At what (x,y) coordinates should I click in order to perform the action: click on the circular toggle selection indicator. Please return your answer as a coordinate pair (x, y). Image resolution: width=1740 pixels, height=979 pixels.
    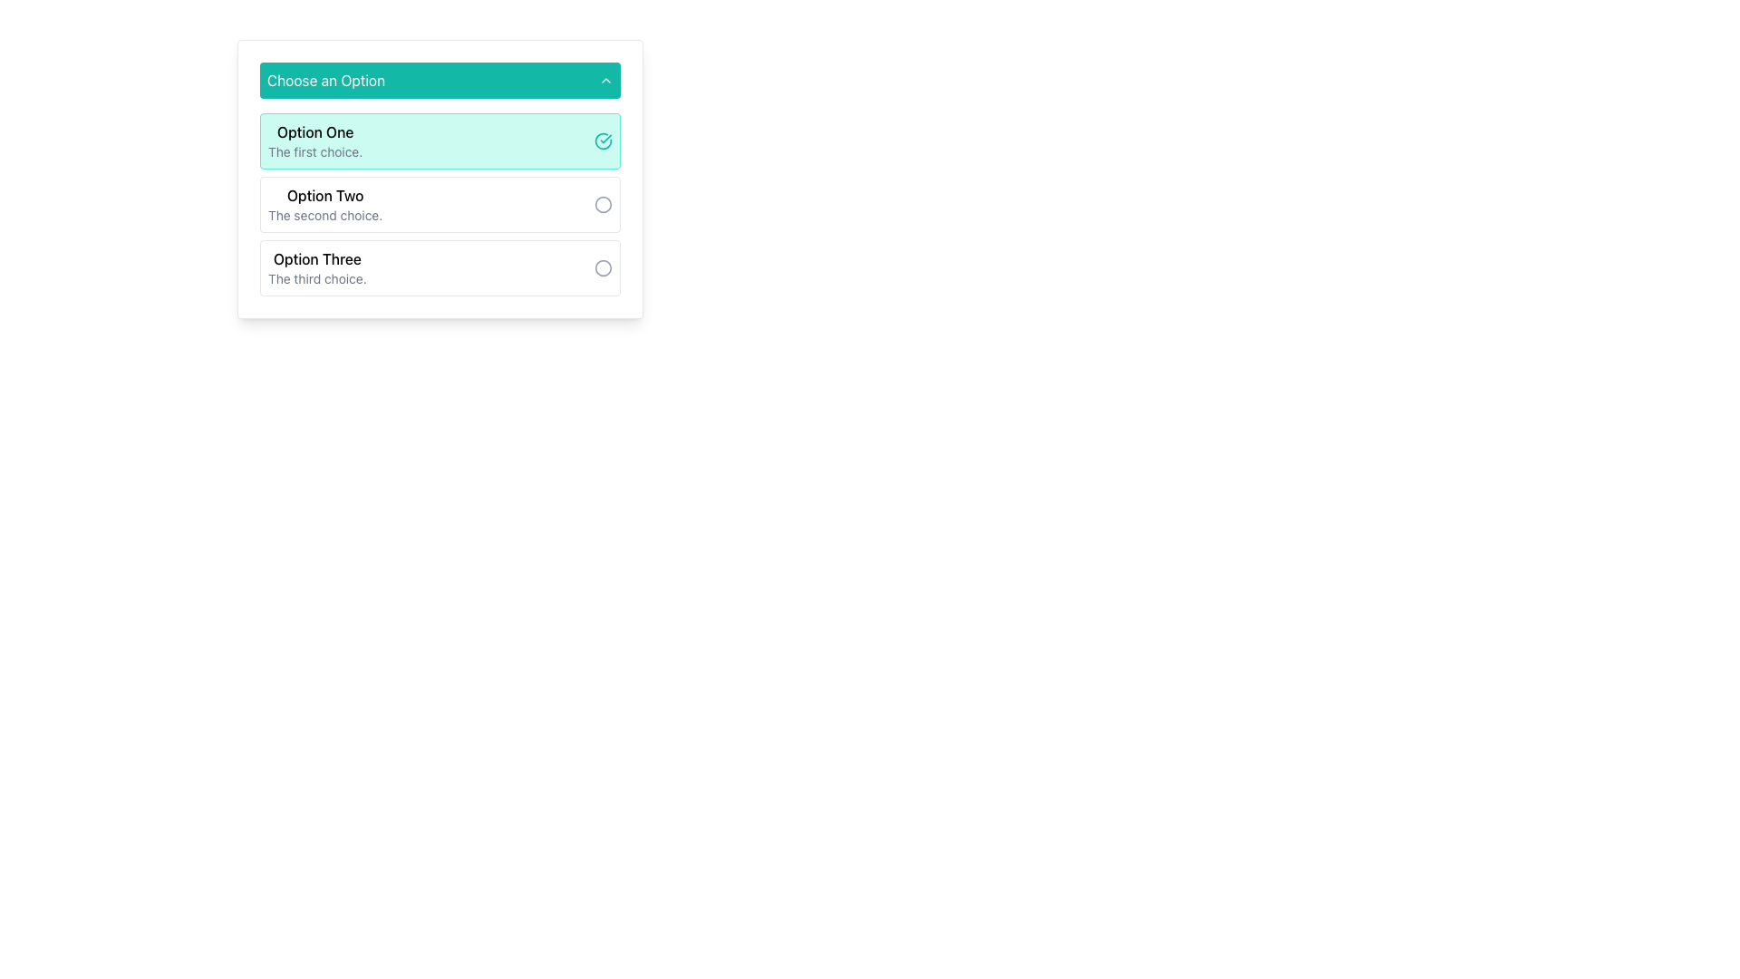
    Looking at the image, I should click on (604, 204).